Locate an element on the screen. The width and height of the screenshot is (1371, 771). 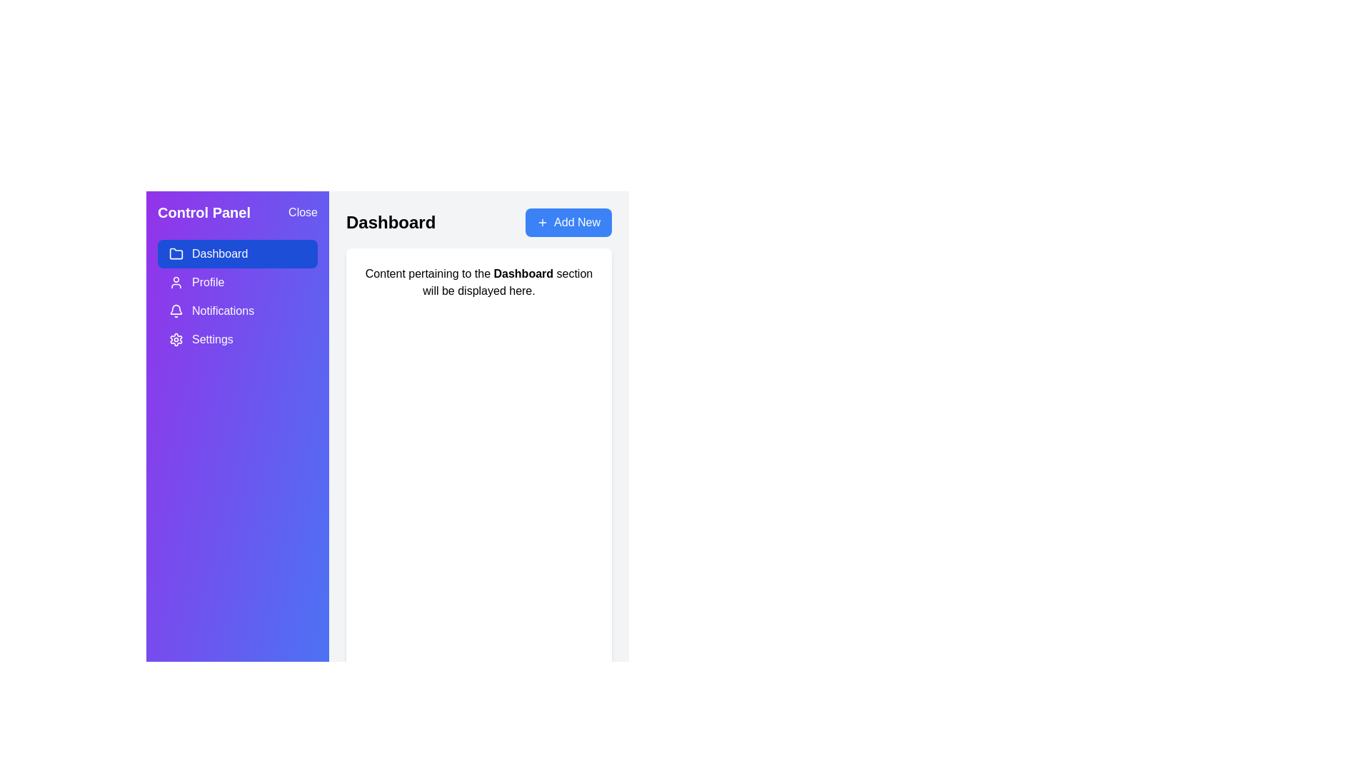
the Settings section in the drawer menu is located at coordinates (237, 339).